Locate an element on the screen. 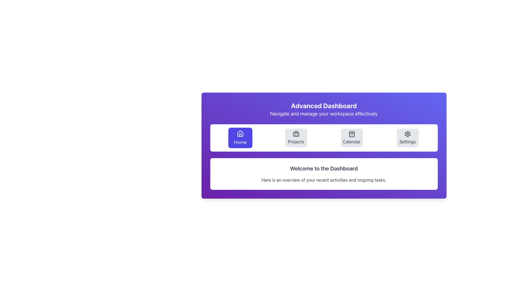  the navigation button located on the top navigation bar, positioned between 'Projects' and 'Settings' is located at coordinates (352, 138).